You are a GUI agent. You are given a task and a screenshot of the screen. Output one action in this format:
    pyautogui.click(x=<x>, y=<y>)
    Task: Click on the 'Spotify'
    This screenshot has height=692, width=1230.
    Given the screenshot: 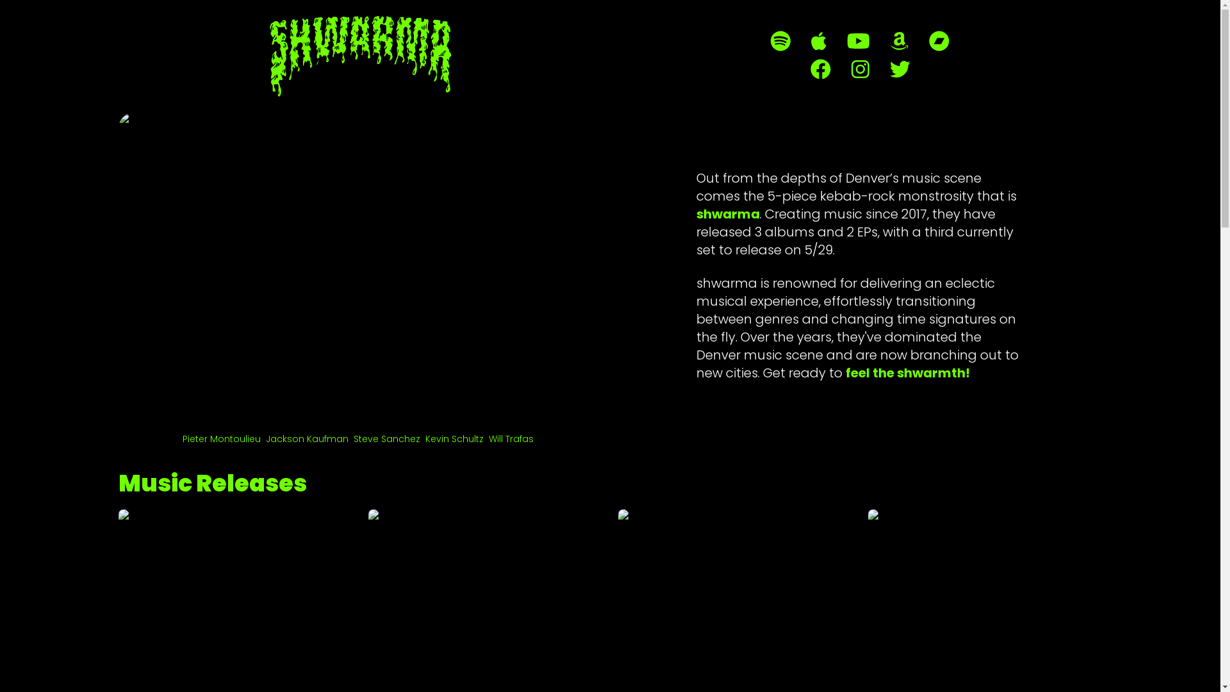 What is the action you would take?
    pyautogui.click(x=780, y=40)
    